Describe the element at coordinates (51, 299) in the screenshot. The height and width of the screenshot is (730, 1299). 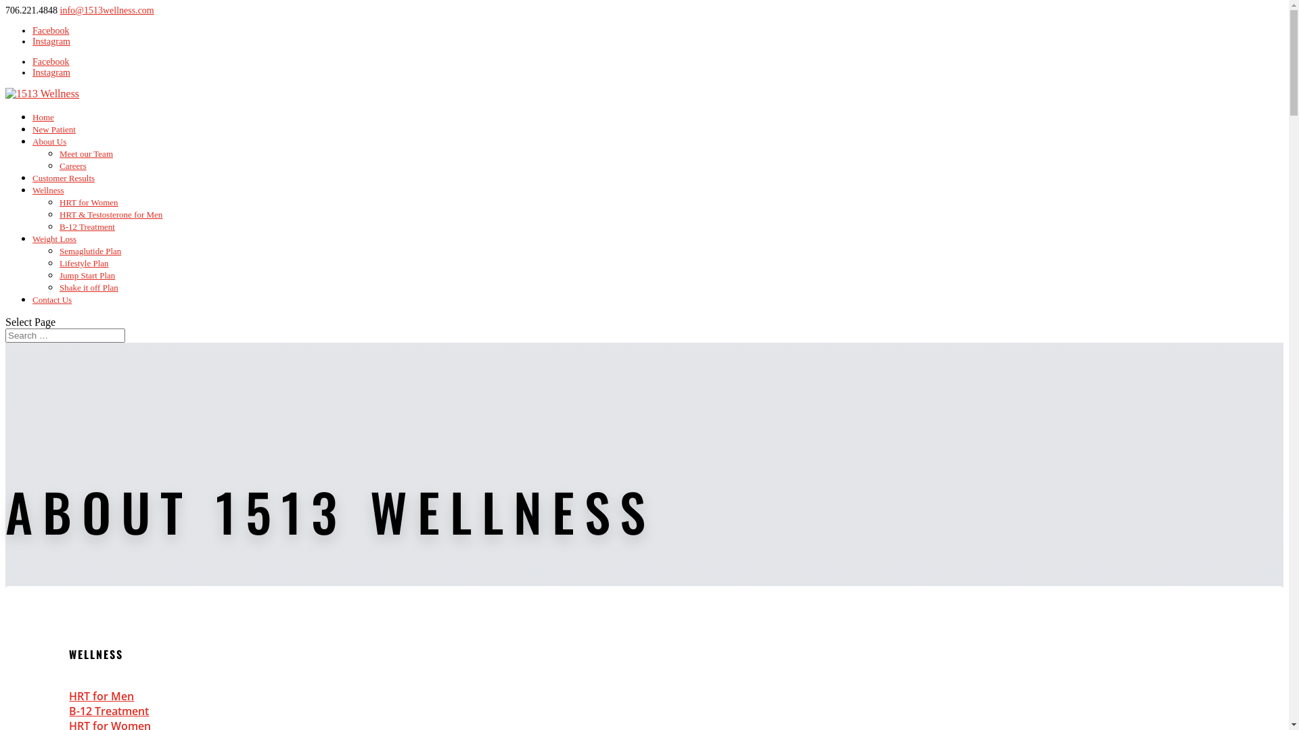
I see `'Contact Us'` at that location.